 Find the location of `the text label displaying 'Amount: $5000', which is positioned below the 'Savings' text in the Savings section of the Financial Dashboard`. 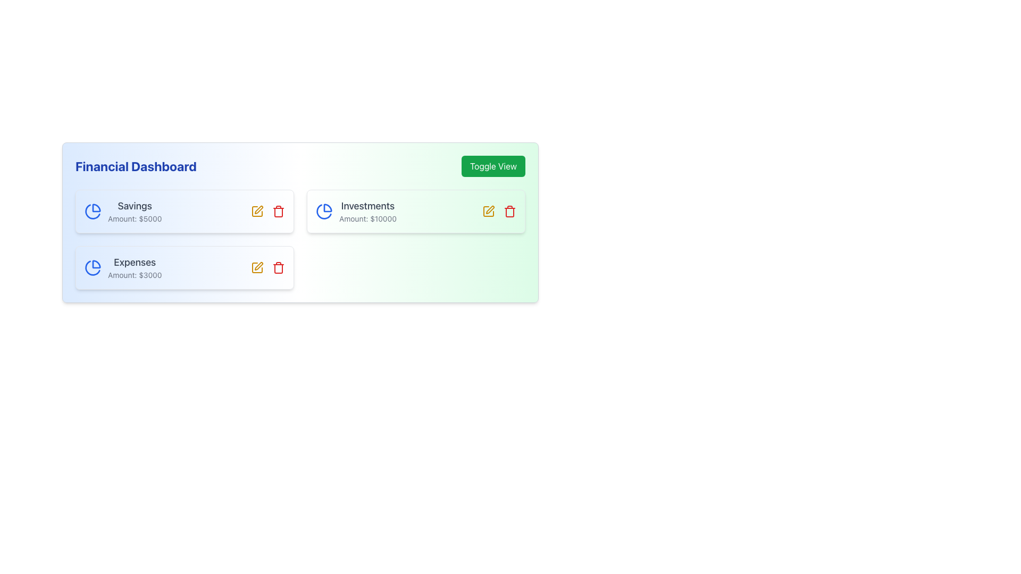

the text label displaying 'Amount: $5000', which is positioned below the 'Savings' text in the Savings section of the Financial Dashboard is located at coordinates (134, 218).